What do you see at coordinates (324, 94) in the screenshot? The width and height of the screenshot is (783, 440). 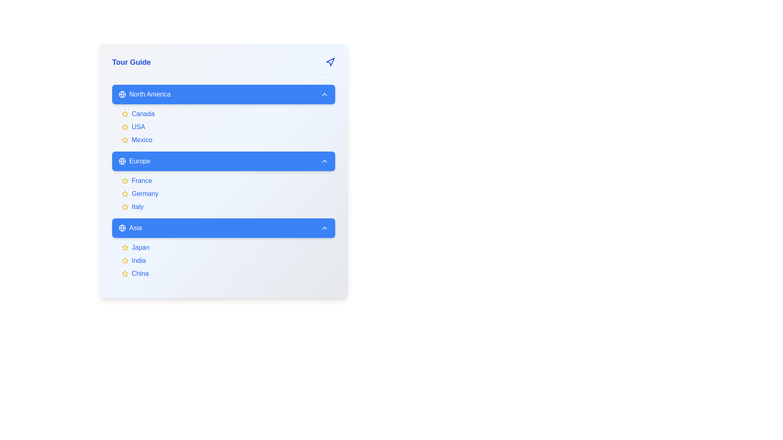 I see `the small upward-pointing chevron icon located on the far-right edge of the 'North America' section for potential visual feedback` at bounding box center [324, 94].